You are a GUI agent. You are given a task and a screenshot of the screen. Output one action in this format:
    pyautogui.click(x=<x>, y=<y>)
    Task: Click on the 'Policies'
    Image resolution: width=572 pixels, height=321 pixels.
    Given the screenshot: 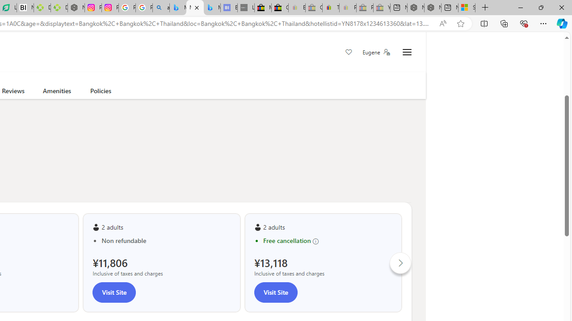 What is the action you would take?
    pyautogui.click(x=101, y=92)
    